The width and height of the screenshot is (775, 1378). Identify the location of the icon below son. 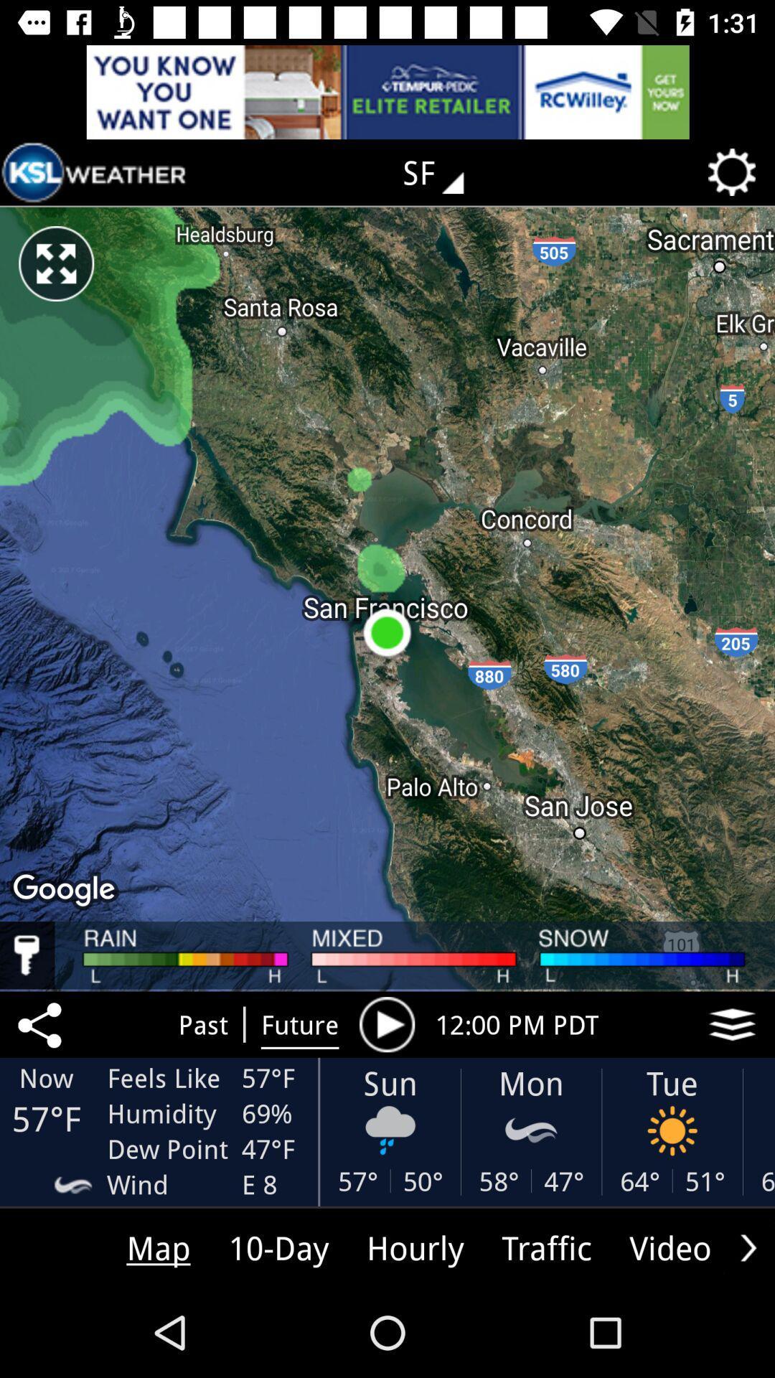
(390, 1130).